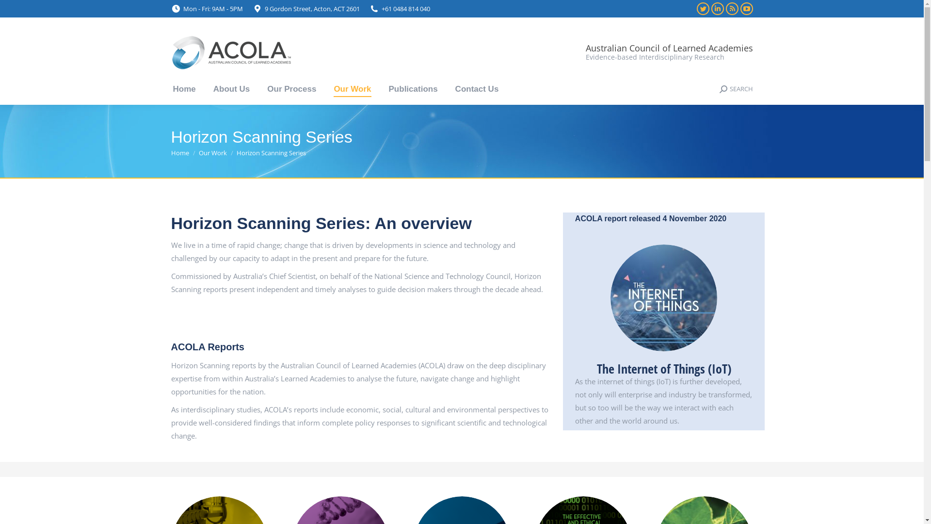 The width and height of the screenshot is (931, 524). Describe the element at coordinates (719, 89) in the screenshot. I see `'SEARCH'` at that location.